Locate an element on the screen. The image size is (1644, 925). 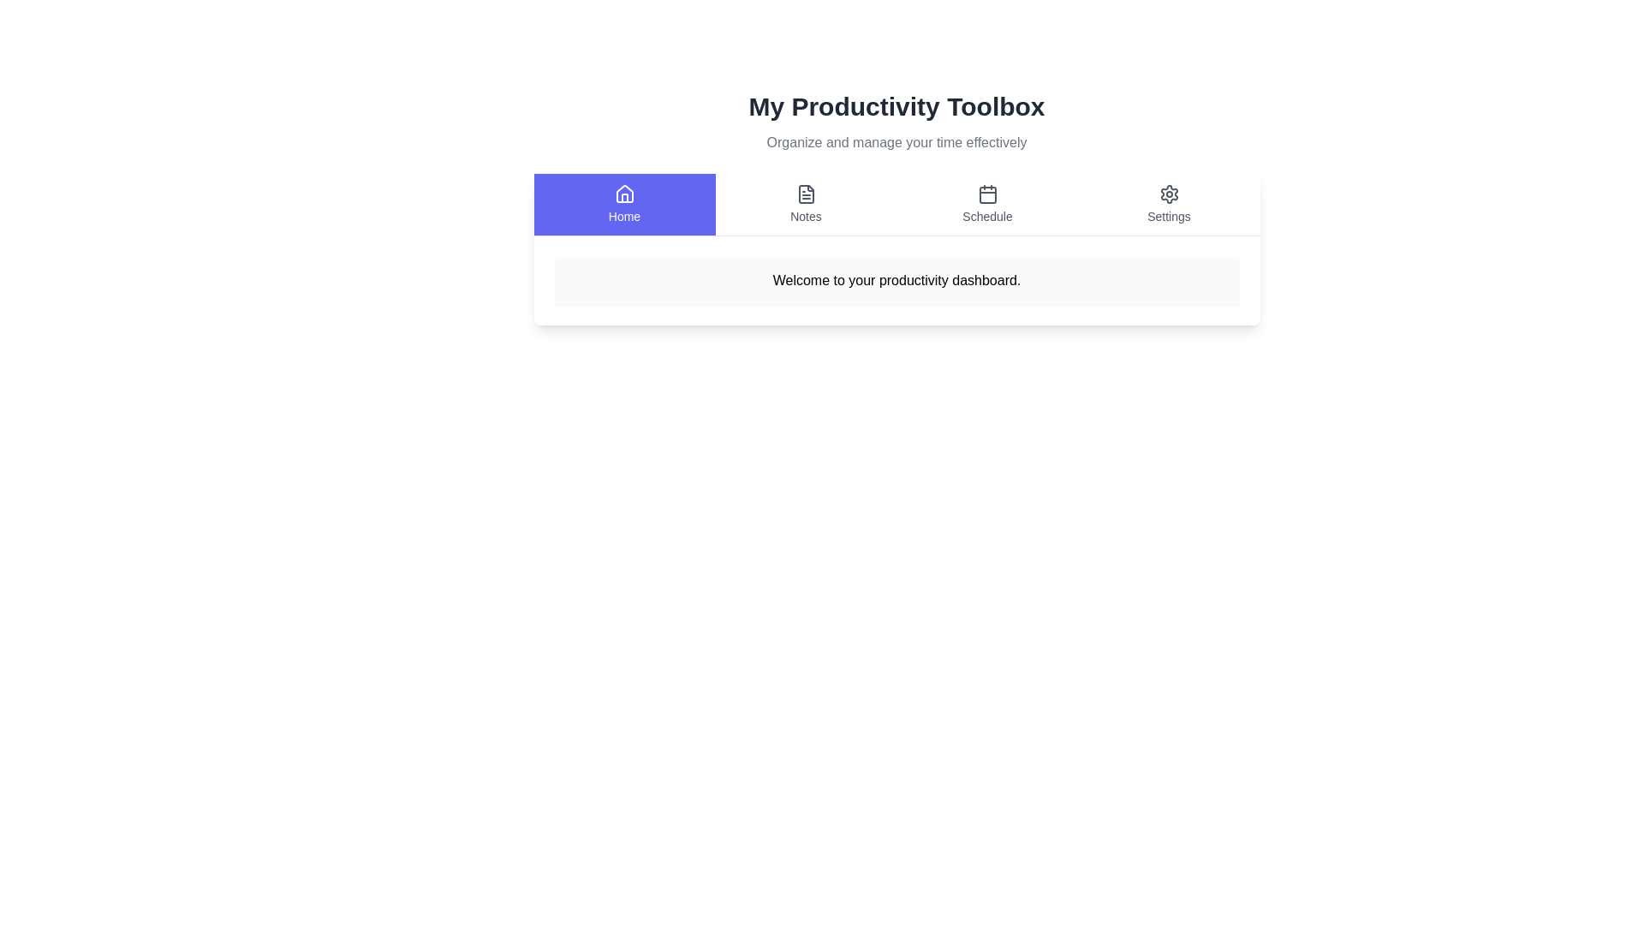
the Settings button located on the far-right side of the navigation bar to change its background color is located at coordinates (1168, 204).